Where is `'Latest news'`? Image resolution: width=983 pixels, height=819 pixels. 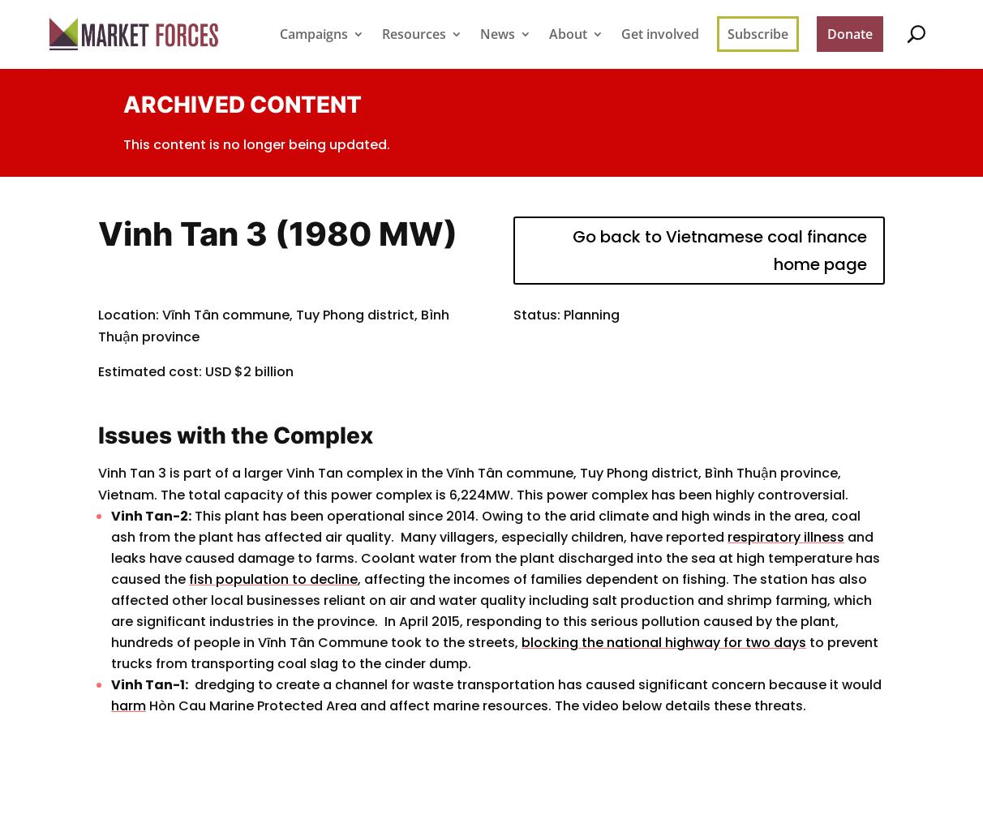 'Latest news' is located at coordinates (503, 92).